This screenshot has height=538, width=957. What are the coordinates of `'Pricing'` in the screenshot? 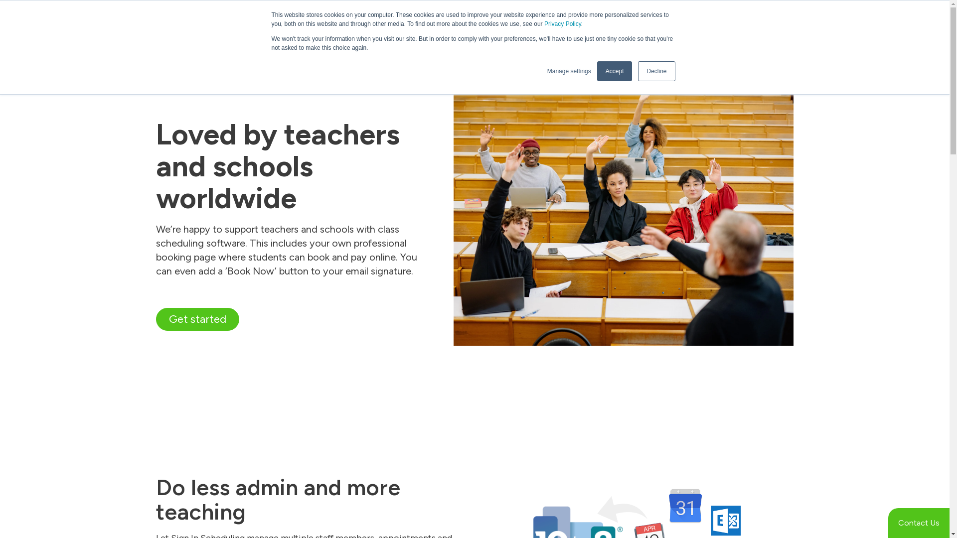 It's located at (641, 50).